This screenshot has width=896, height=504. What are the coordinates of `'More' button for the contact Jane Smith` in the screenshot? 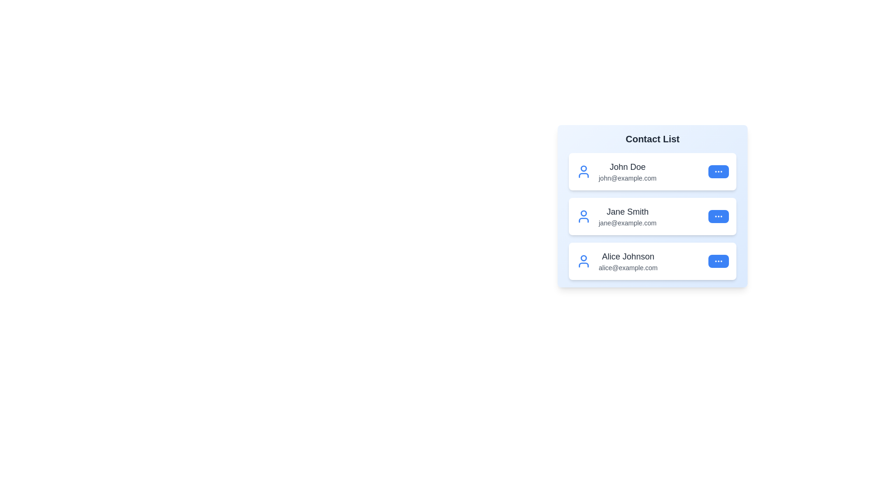 It's located at (718, 216).